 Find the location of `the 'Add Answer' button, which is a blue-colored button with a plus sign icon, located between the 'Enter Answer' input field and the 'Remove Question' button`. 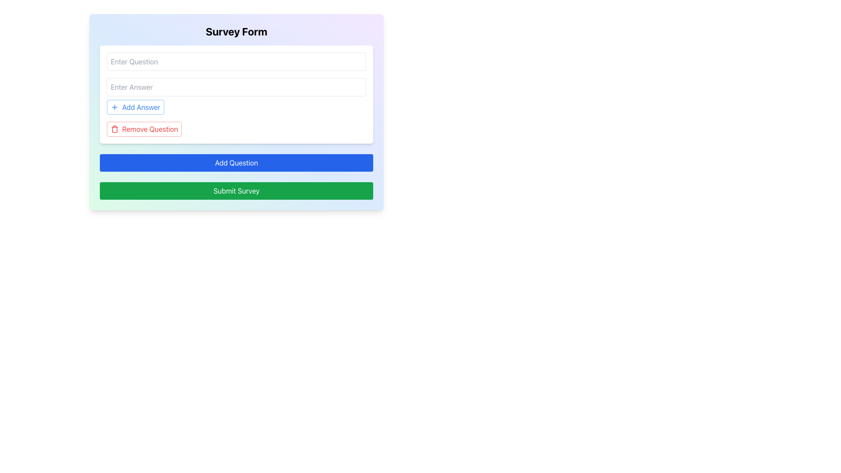

the 'Add Answer' button, which is a blue-colored button with a plus sign icon, located between the 'Enter Answer' input field and the 'Remove Question' button is located at coordinates (135, 107).